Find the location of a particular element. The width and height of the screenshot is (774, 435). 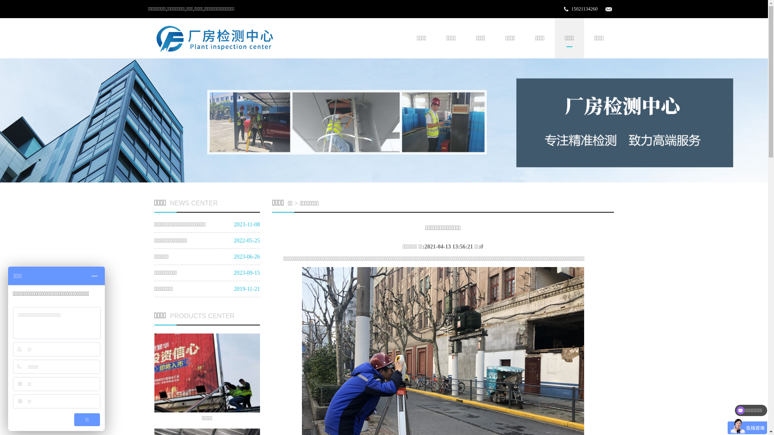

'15021134260' is located at coordinates (570, 9).